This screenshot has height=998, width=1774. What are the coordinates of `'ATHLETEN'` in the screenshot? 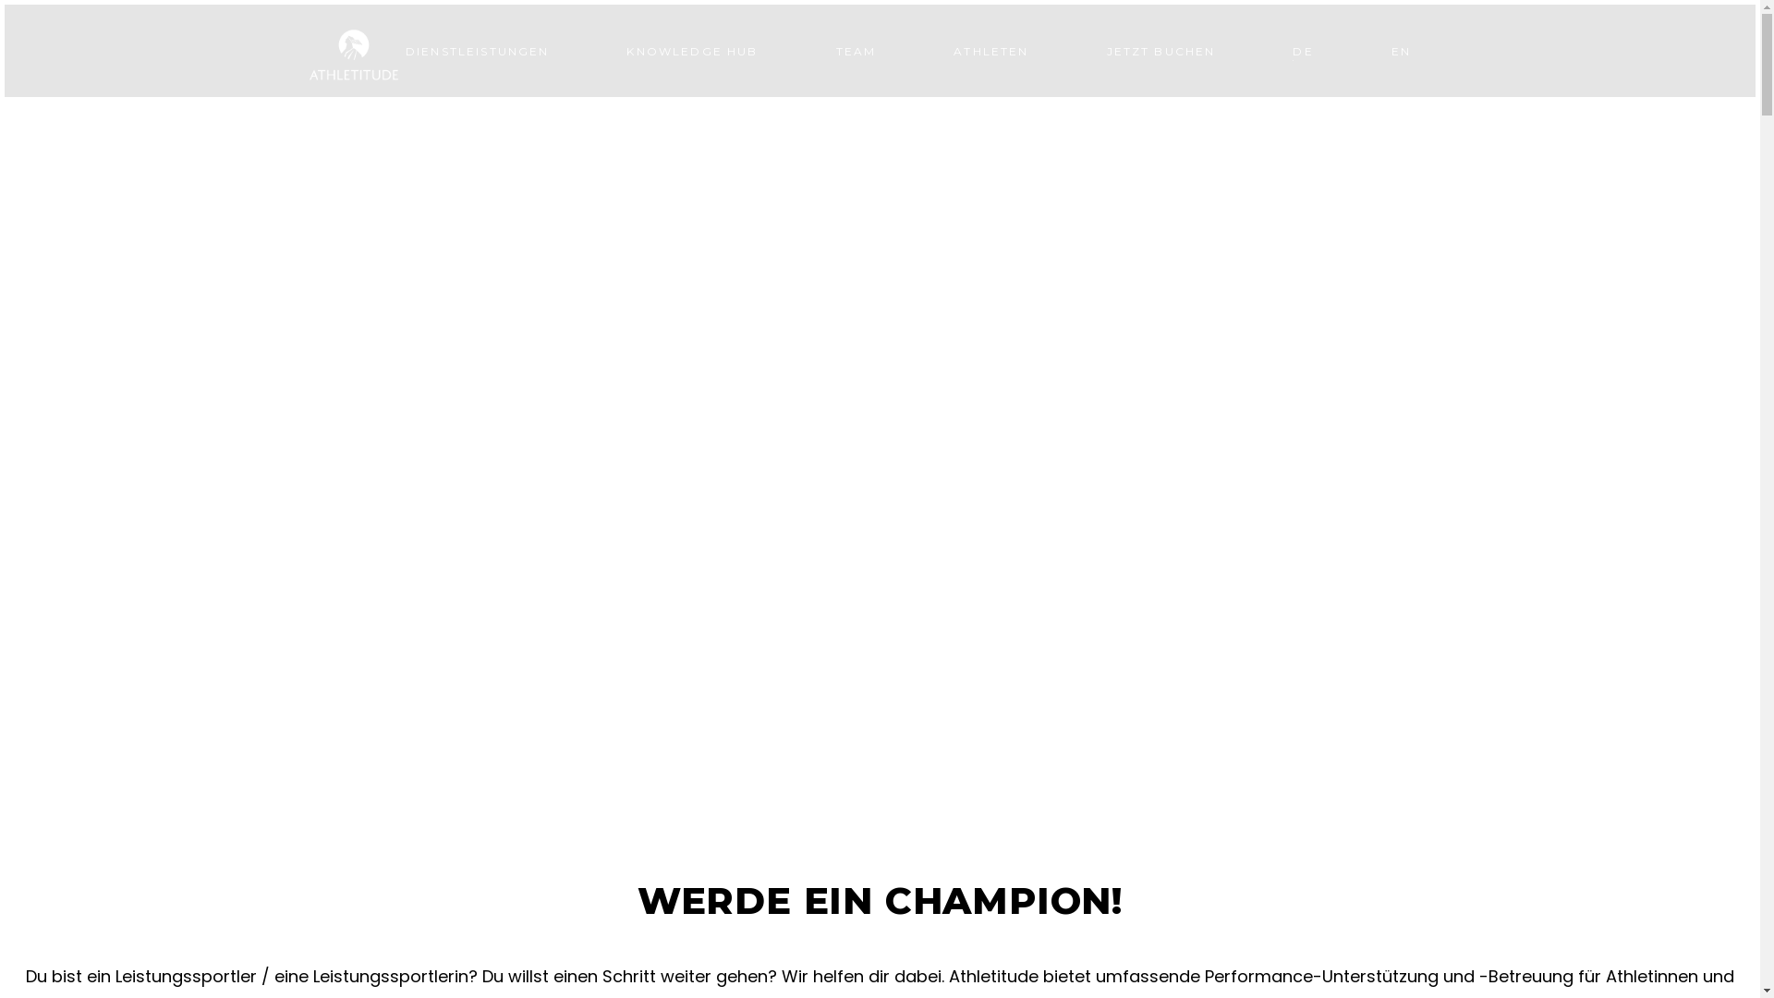 It's located at (990, 50).